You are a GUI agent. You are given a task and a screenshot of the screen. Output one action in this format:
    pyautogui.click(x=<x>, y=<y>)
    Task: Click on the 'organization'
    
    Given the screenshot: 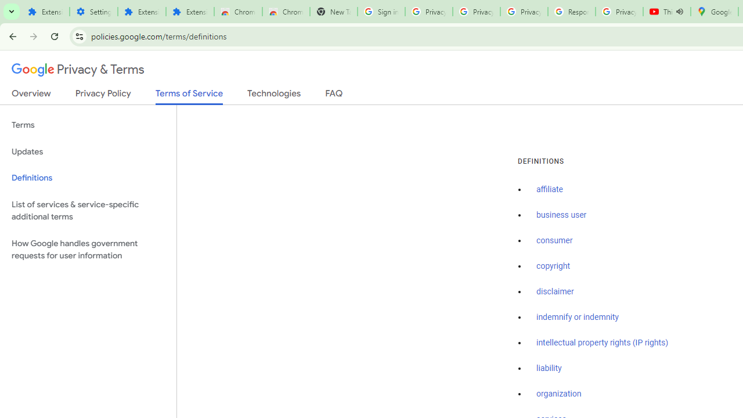 What is the action you would take?
    pyautogui.click(x=559, y=394)
    